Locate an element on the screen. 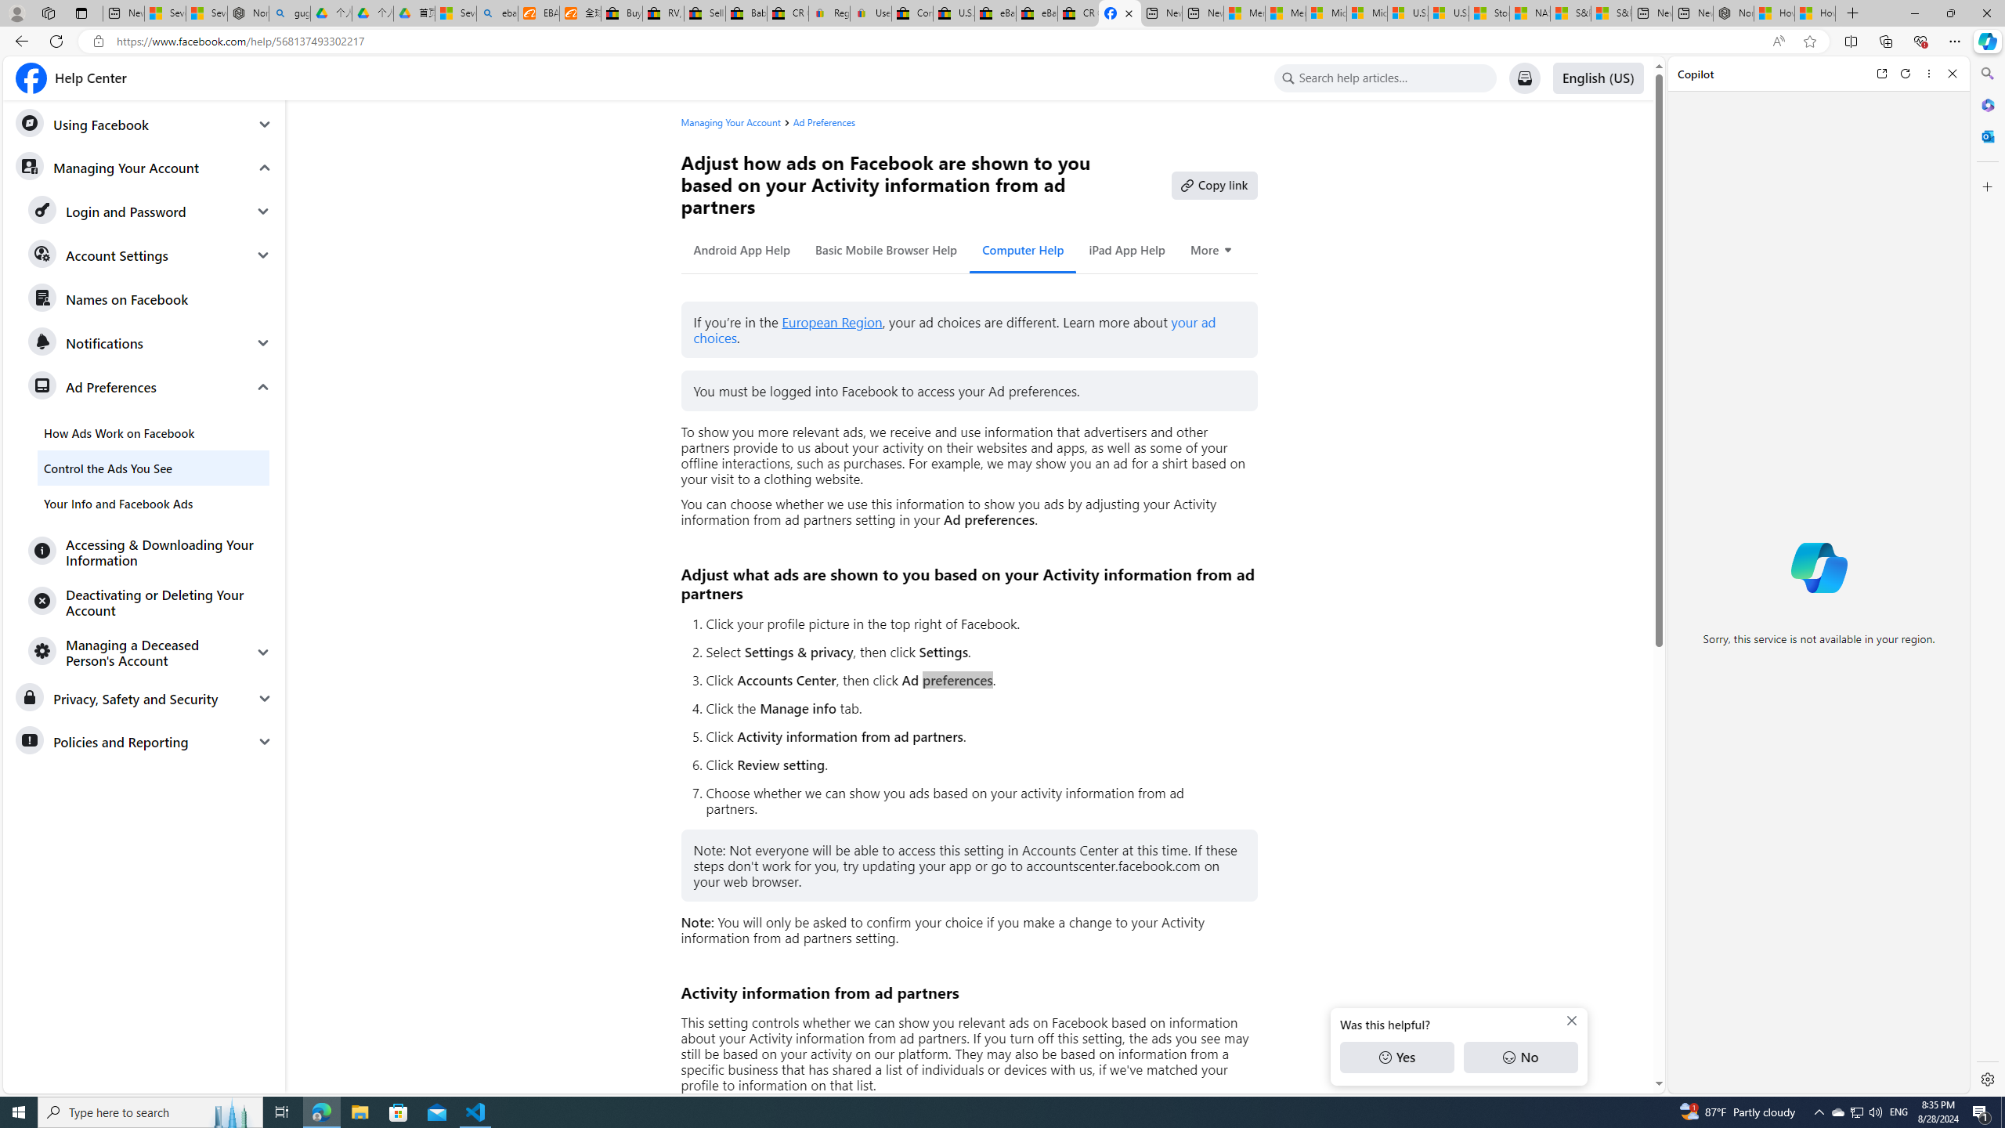  'Basic Mobile Browser Help' is located at coordinates (885, 249).